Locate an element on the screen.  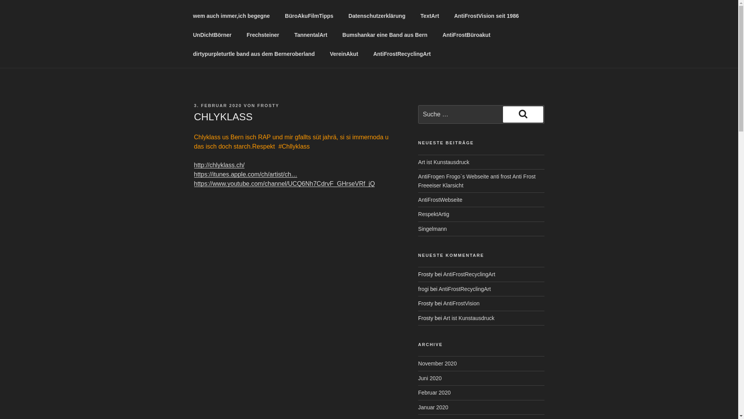
'AntiFrostWebseite' is located at coordinates (440, 199).